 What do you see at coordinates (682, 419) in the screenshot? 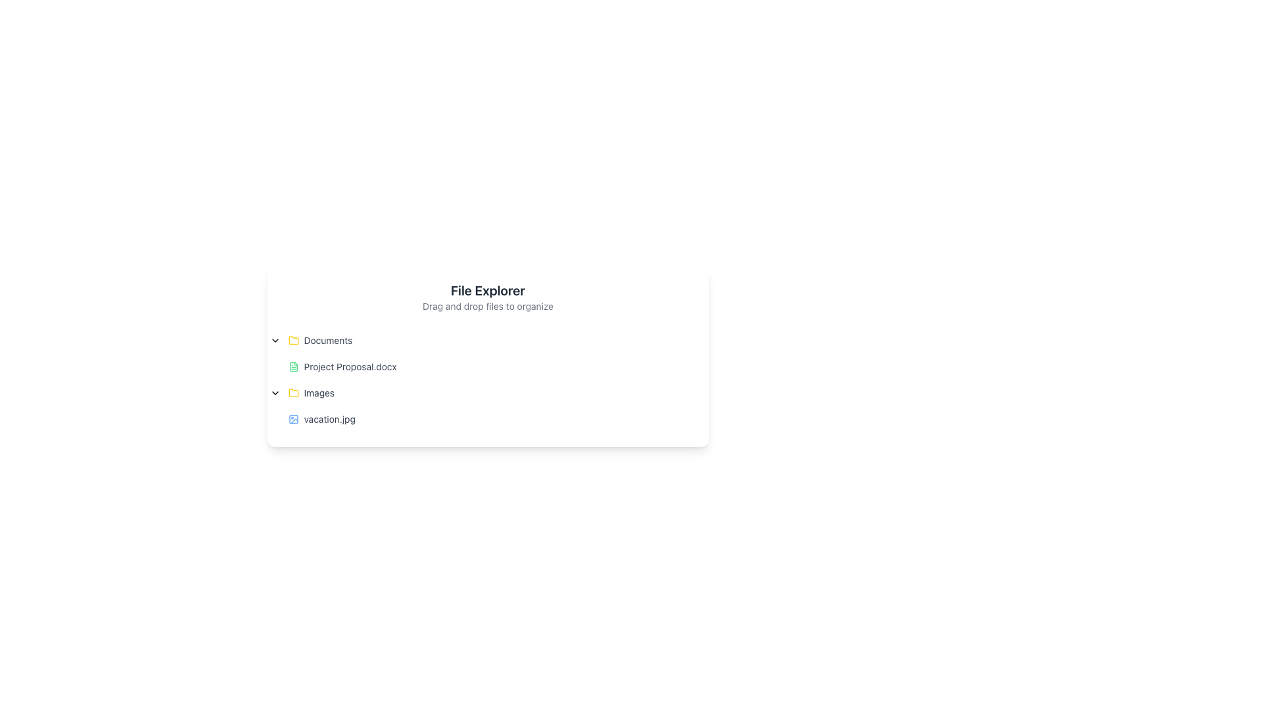
I see `the ellipsis button at the far-right end of the row for the file 'vacation.jpg' to invoke the context menu` at bounding box center [682, 419].